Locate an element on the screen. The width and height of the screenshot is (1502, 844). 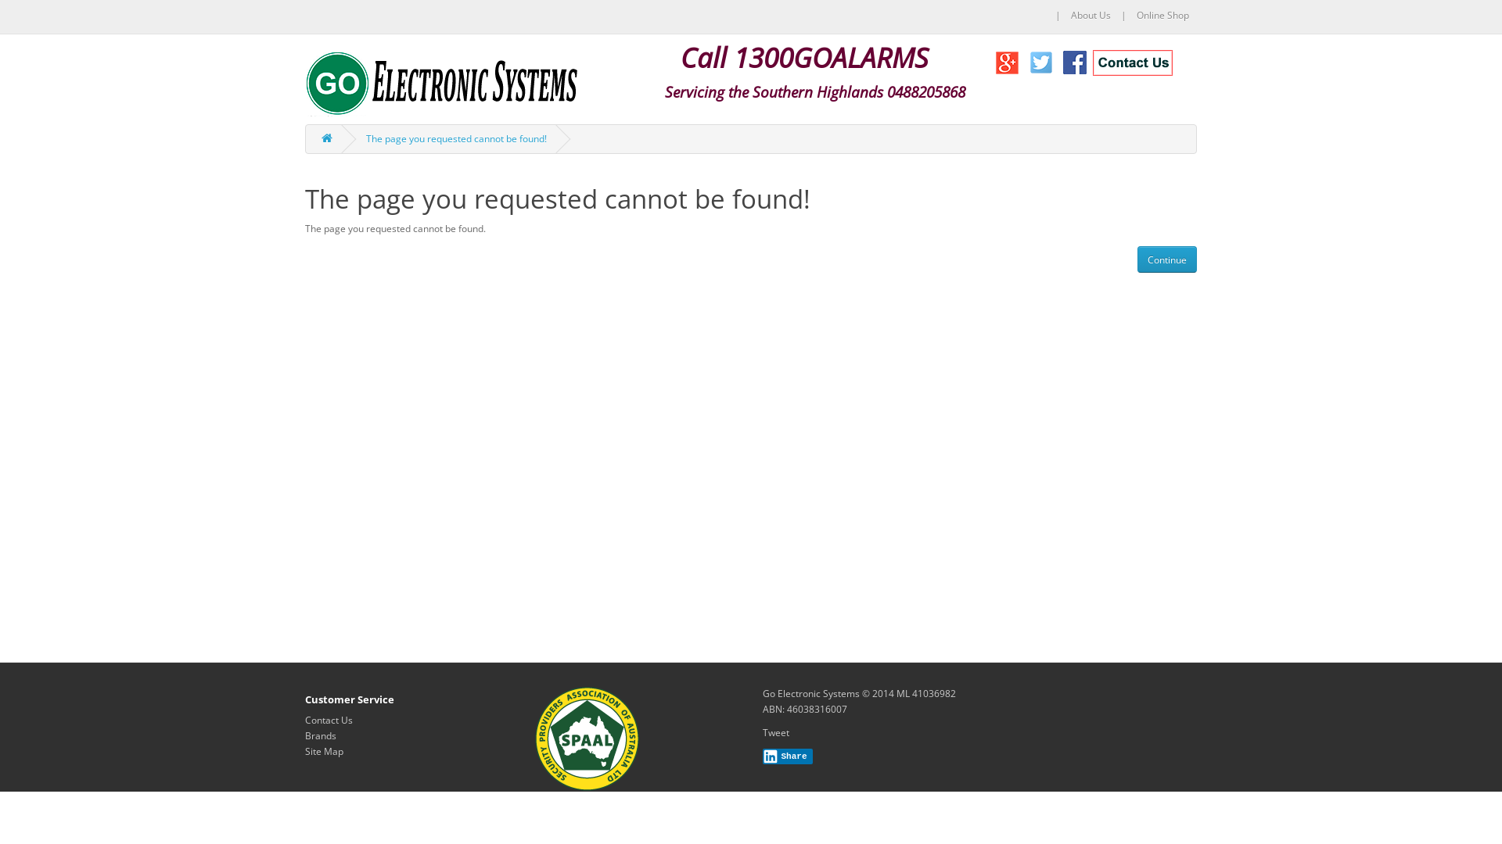
'Share' is located at coordinates (788, 756).